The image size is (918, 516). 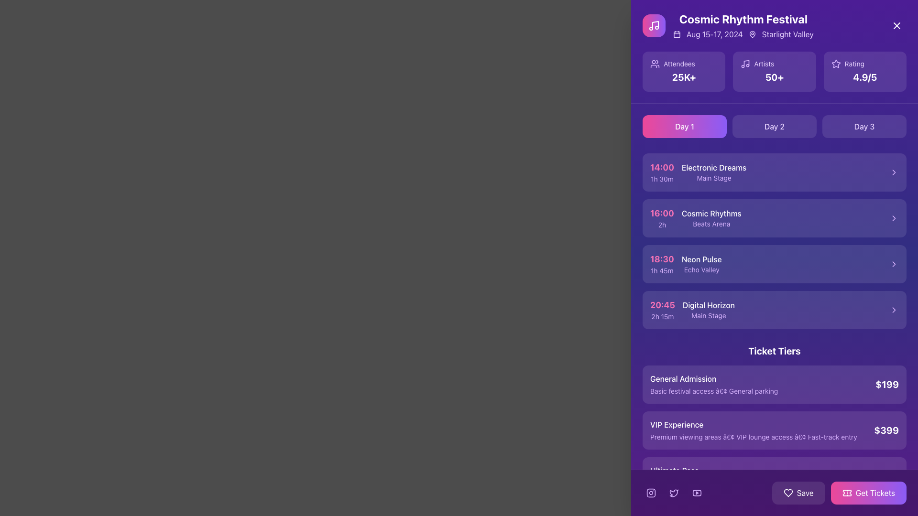 I want to click on the 'Get Tickets' button, which contains a decorative icon on the left side, so click(x=847, y=493).